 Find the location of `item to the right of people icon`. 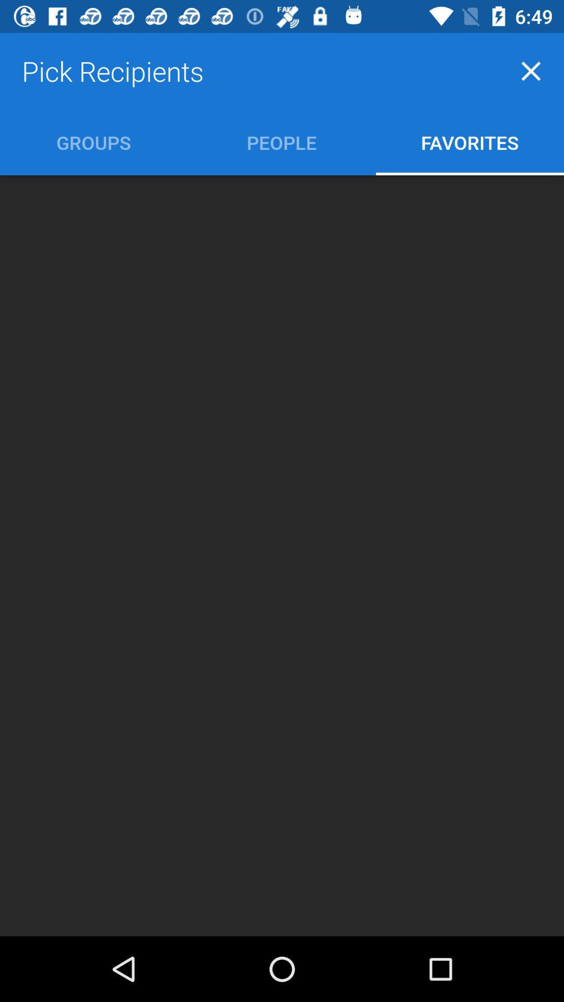

item to the right of people icon is located at coordinates (469, 142).